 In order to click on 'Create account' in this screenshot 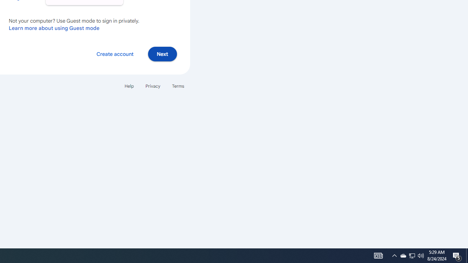, I will do `click(114, 53)`.